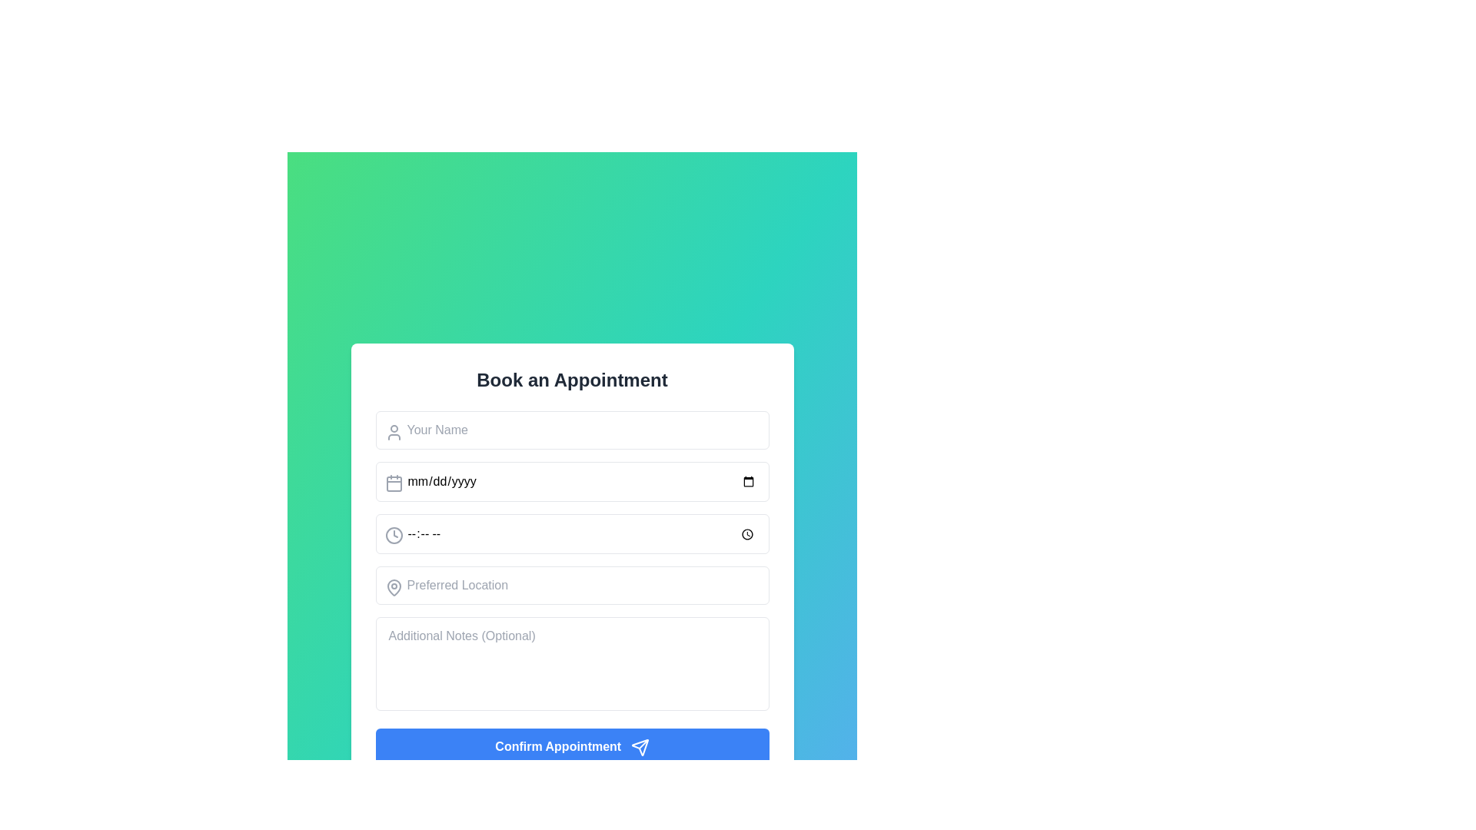  Describe the element at coordinates (394, 588) in the screenshot. I see `the map pin icon located under the 'Preferred Location' label, which is the first icon in the row within a text input field` at that location.